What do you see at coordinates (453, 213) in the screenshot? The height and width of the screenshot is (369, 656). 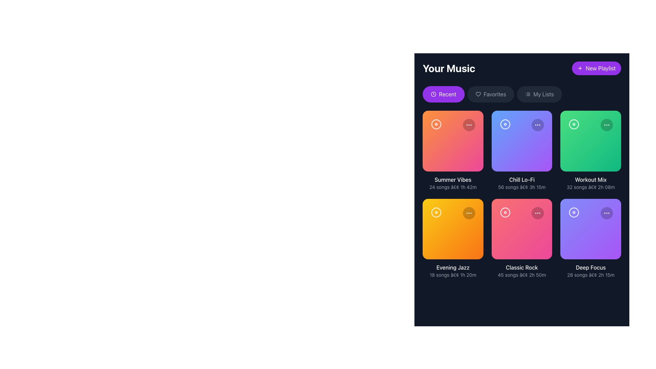 I see `the icons in the 'Evening Jazz' card's control interface` at bounding box center [453, 213].